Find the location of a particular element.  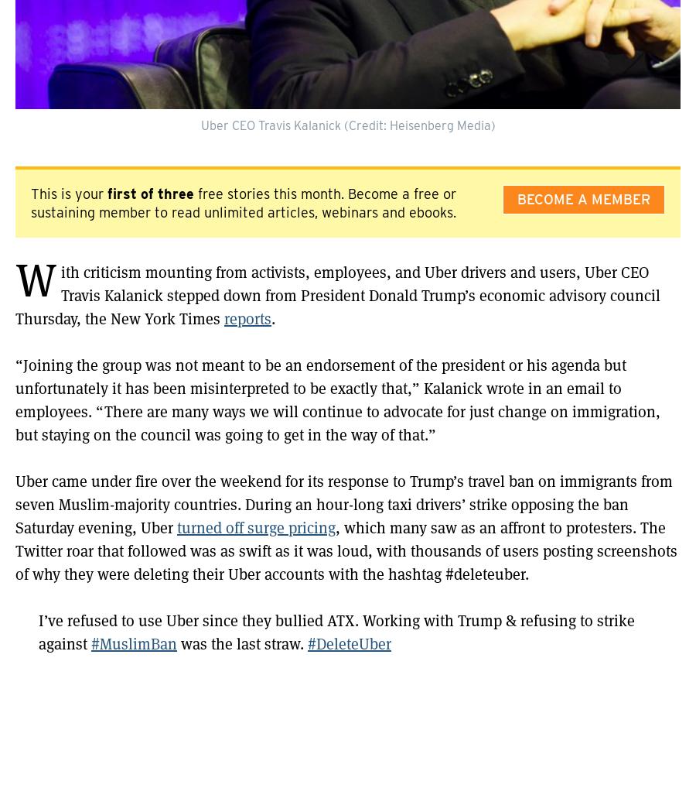

'first of three' is located at coordinates (151, 194).